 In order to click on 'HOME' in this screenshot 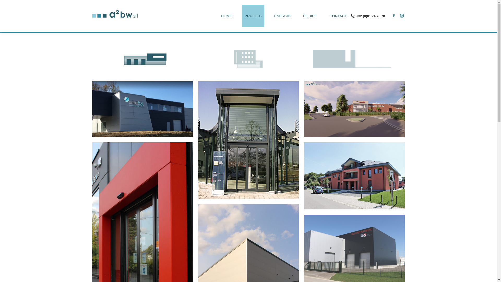, I will do `click(226, 16)`.